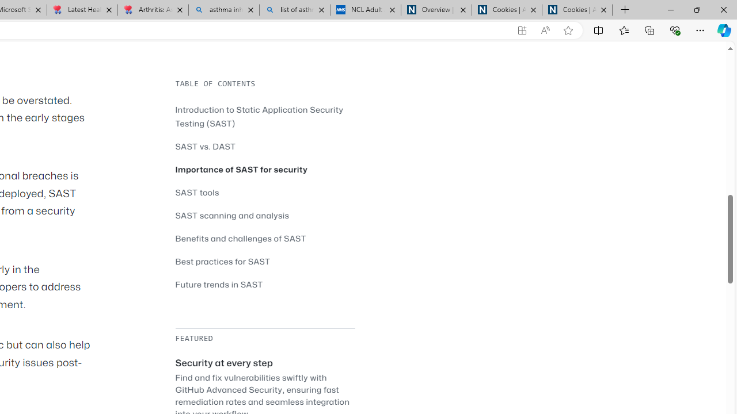 This screenshot has width=737, height=414. Describe the element at coordinates (264, 261) in the screenshot. I see `'Best practices for SAST'` at that location.